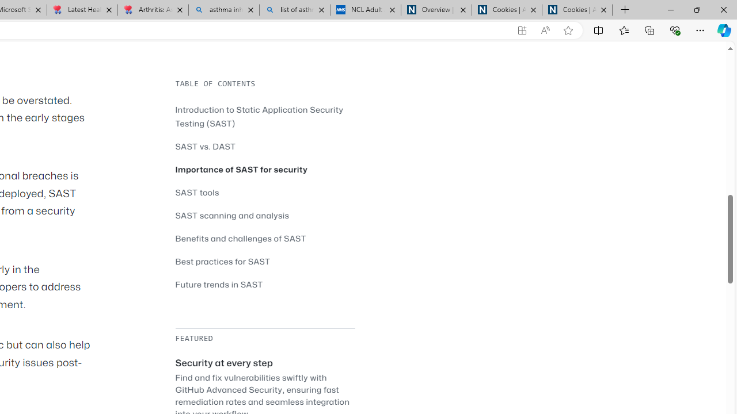 This screenshot has width=737, height=414. Describe the element at coordinates (264, 261) in the screenshot. I see `'Best practices for SAST'` at that location.